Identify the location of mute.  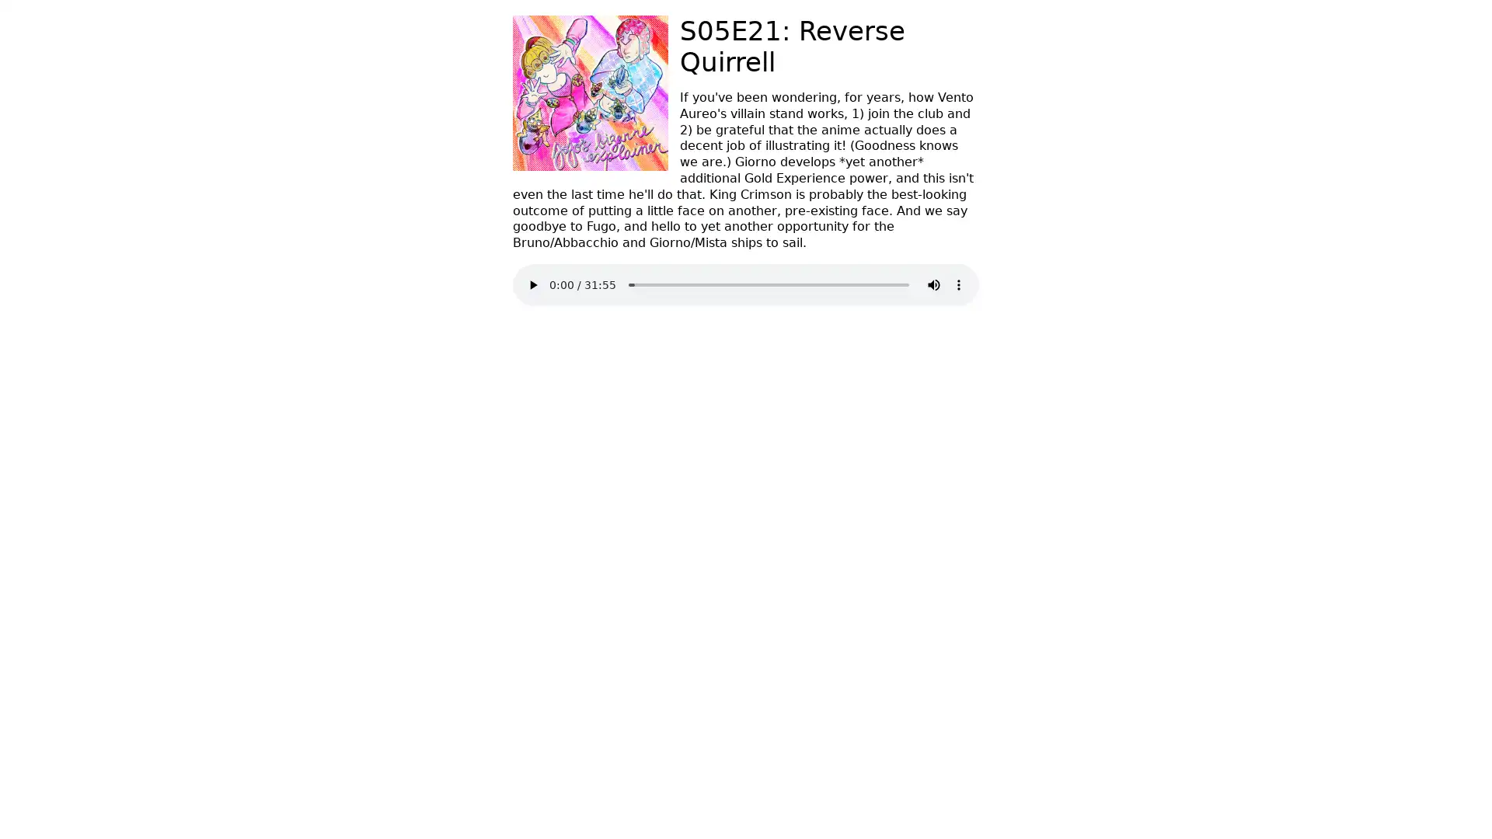
(932, 284).